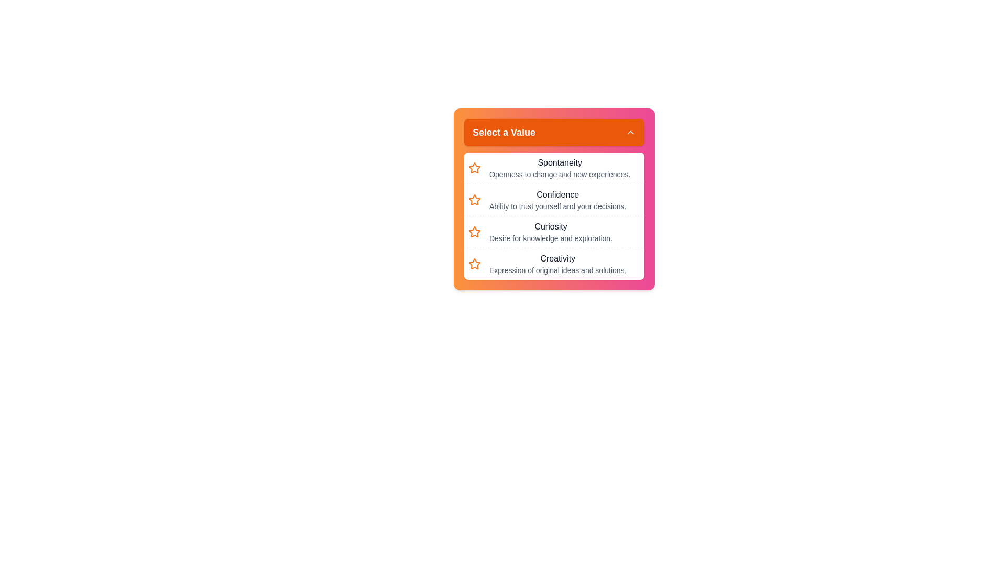 This screenshot has width=1006, height=566. What do you see at coordinates (557, 258) in the screenshot?
I see `text label displaying 'Creativity' in bold and dark gray color, which is the fourth item in the dropdown selection panel under 'Select a Value'` at bounding box center [557, 258].